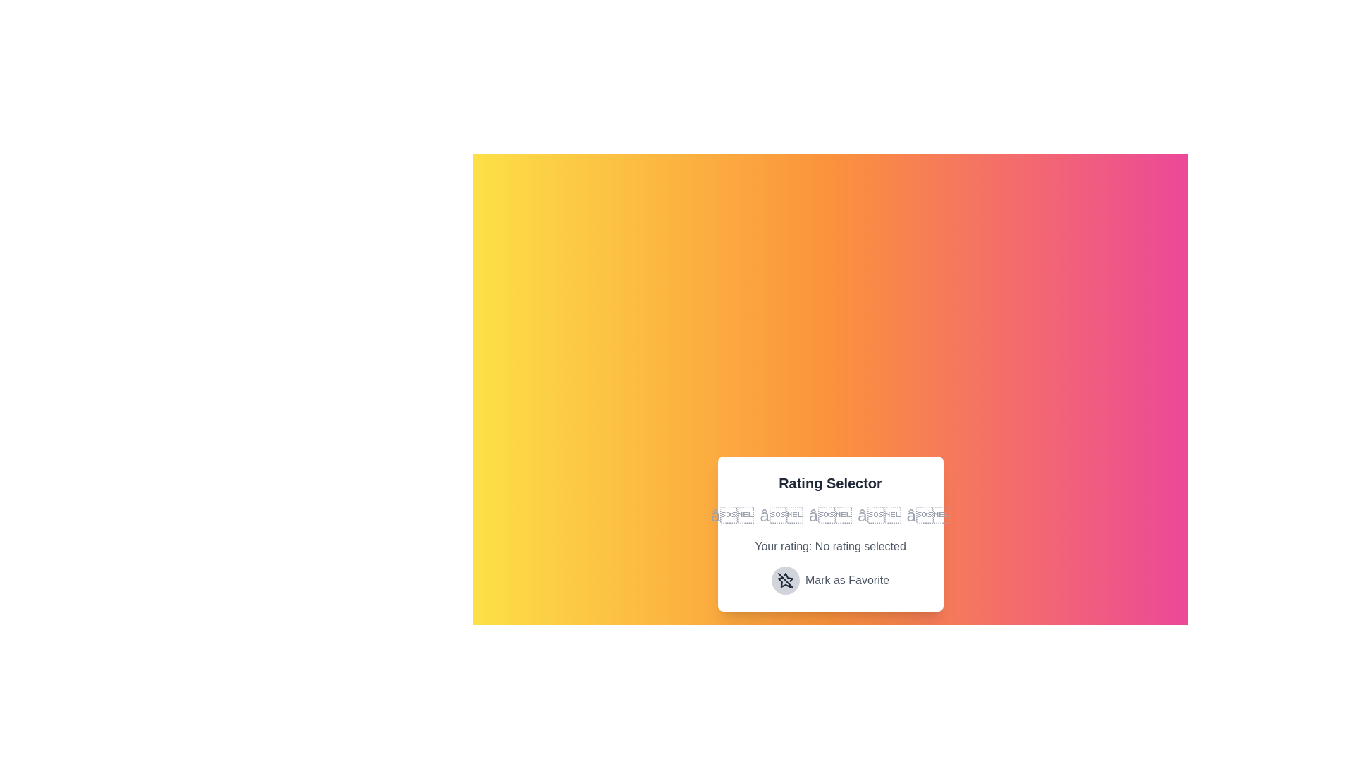 This screenshot has height=761, width=1353. What do you see at coordinates (830, 516) in the screenshot?
I see `the group of clickable icons designed for rating located beneath the heading 'Rating Selector'` at bounding box center [830, 516].